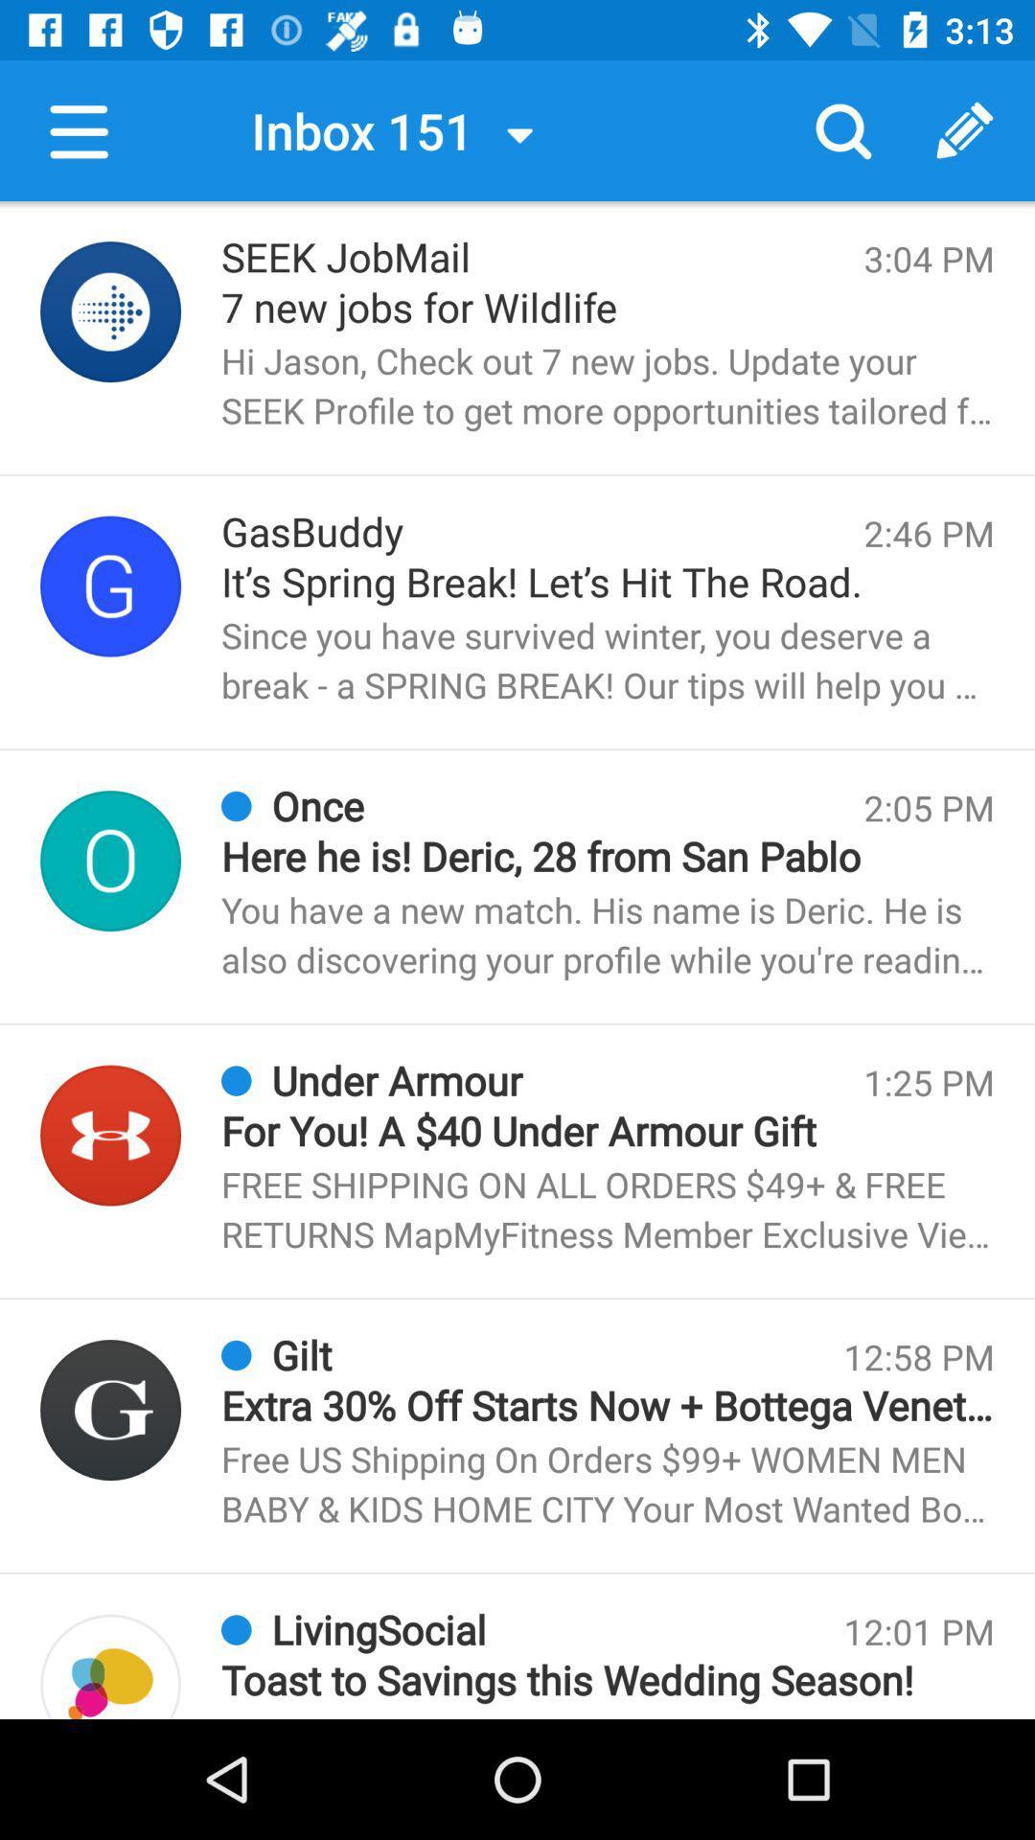  What do you see at coordinates (110, 1410) in the screenshot?
I see `link to gilt` at bounding box center [110, 1410].